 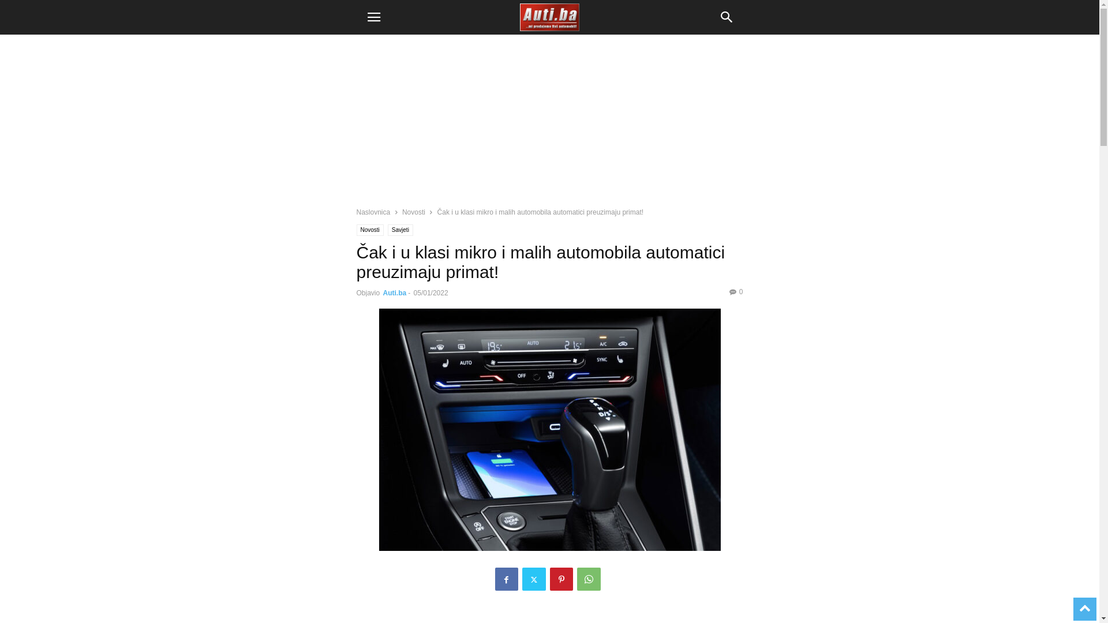 I want to click on 'Novosti', so click(x=413, y=212).